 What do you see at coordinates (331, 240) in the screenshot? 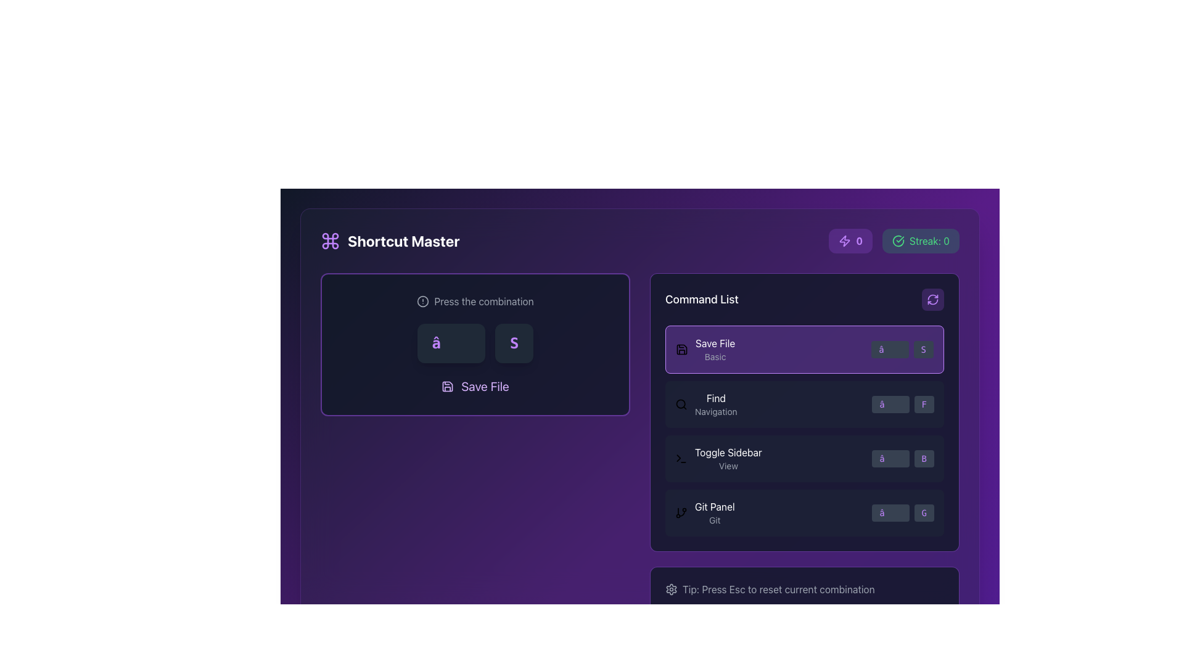
I see `icon located in the top-left portion of the interface, adjacent to the 'Shortcut Master' label` at bounding box center [331, 240].